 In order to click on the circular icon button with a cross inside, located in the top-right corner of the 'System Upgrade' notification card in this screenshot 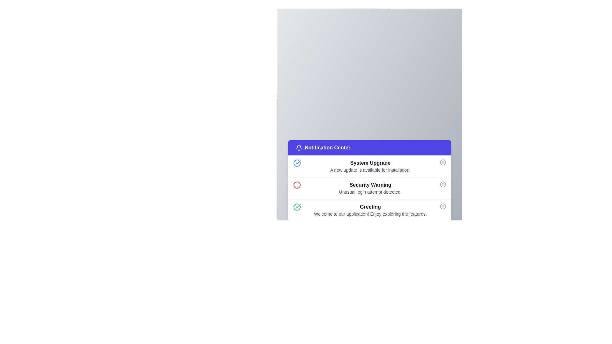, I will do `click(443, 162)`.